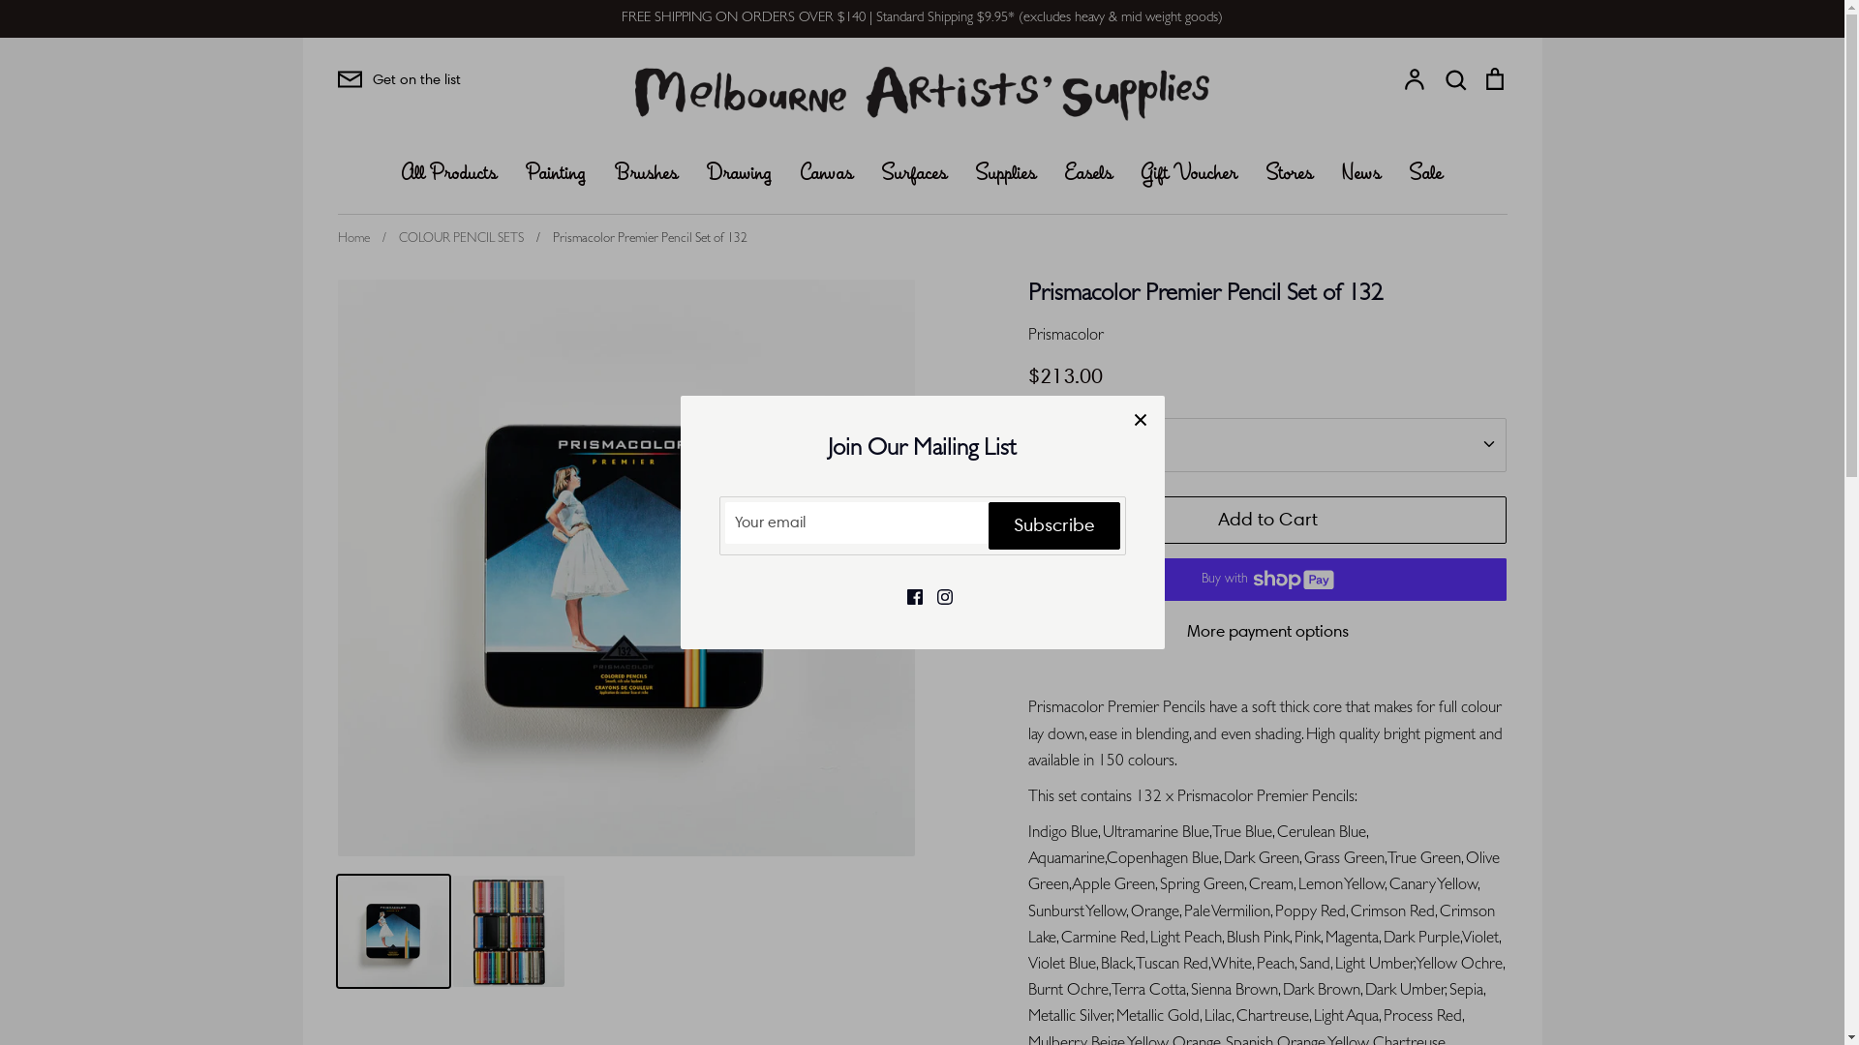 The image size is (1859, 1045). Describe the element at coordinates (1052, 525) in the screenshot. I see `'Subscribe'` at that location.